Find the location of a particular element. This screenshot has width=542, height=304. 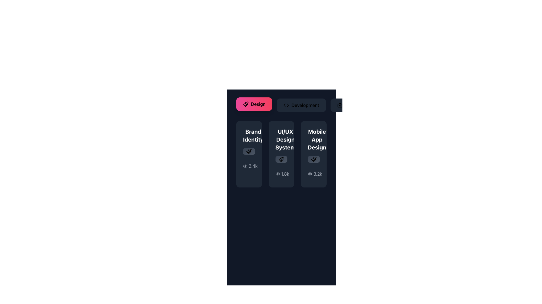

the paintbrush icon located on the left side of the 'Design' button is located at coordinates (246, 104).